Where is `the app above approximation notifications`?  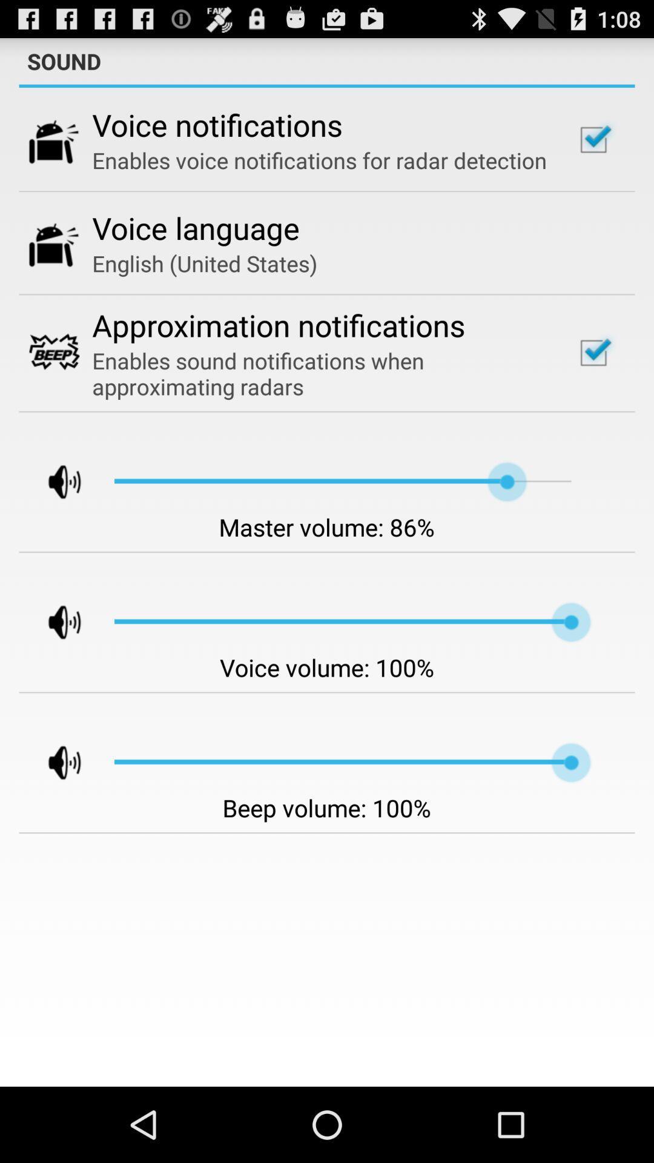 the app above approximation notifications is located at coordinates (204, 263).